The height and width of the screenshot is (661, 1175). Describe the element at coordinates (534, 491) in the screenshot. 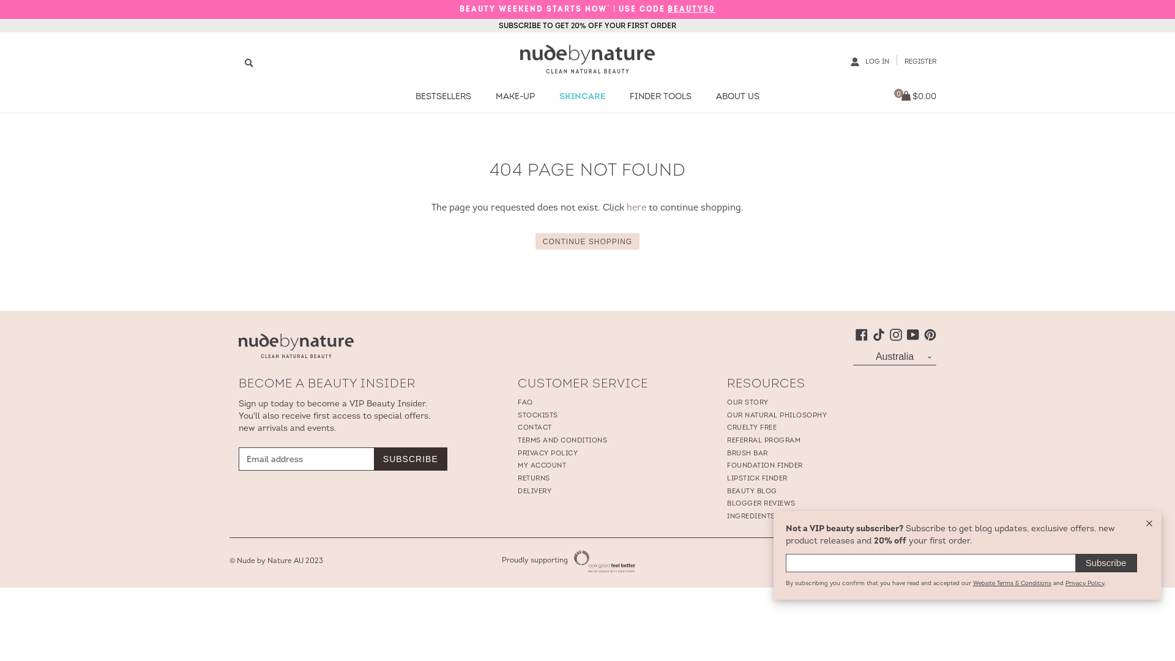

I see `'DELIVERY'` at that location.